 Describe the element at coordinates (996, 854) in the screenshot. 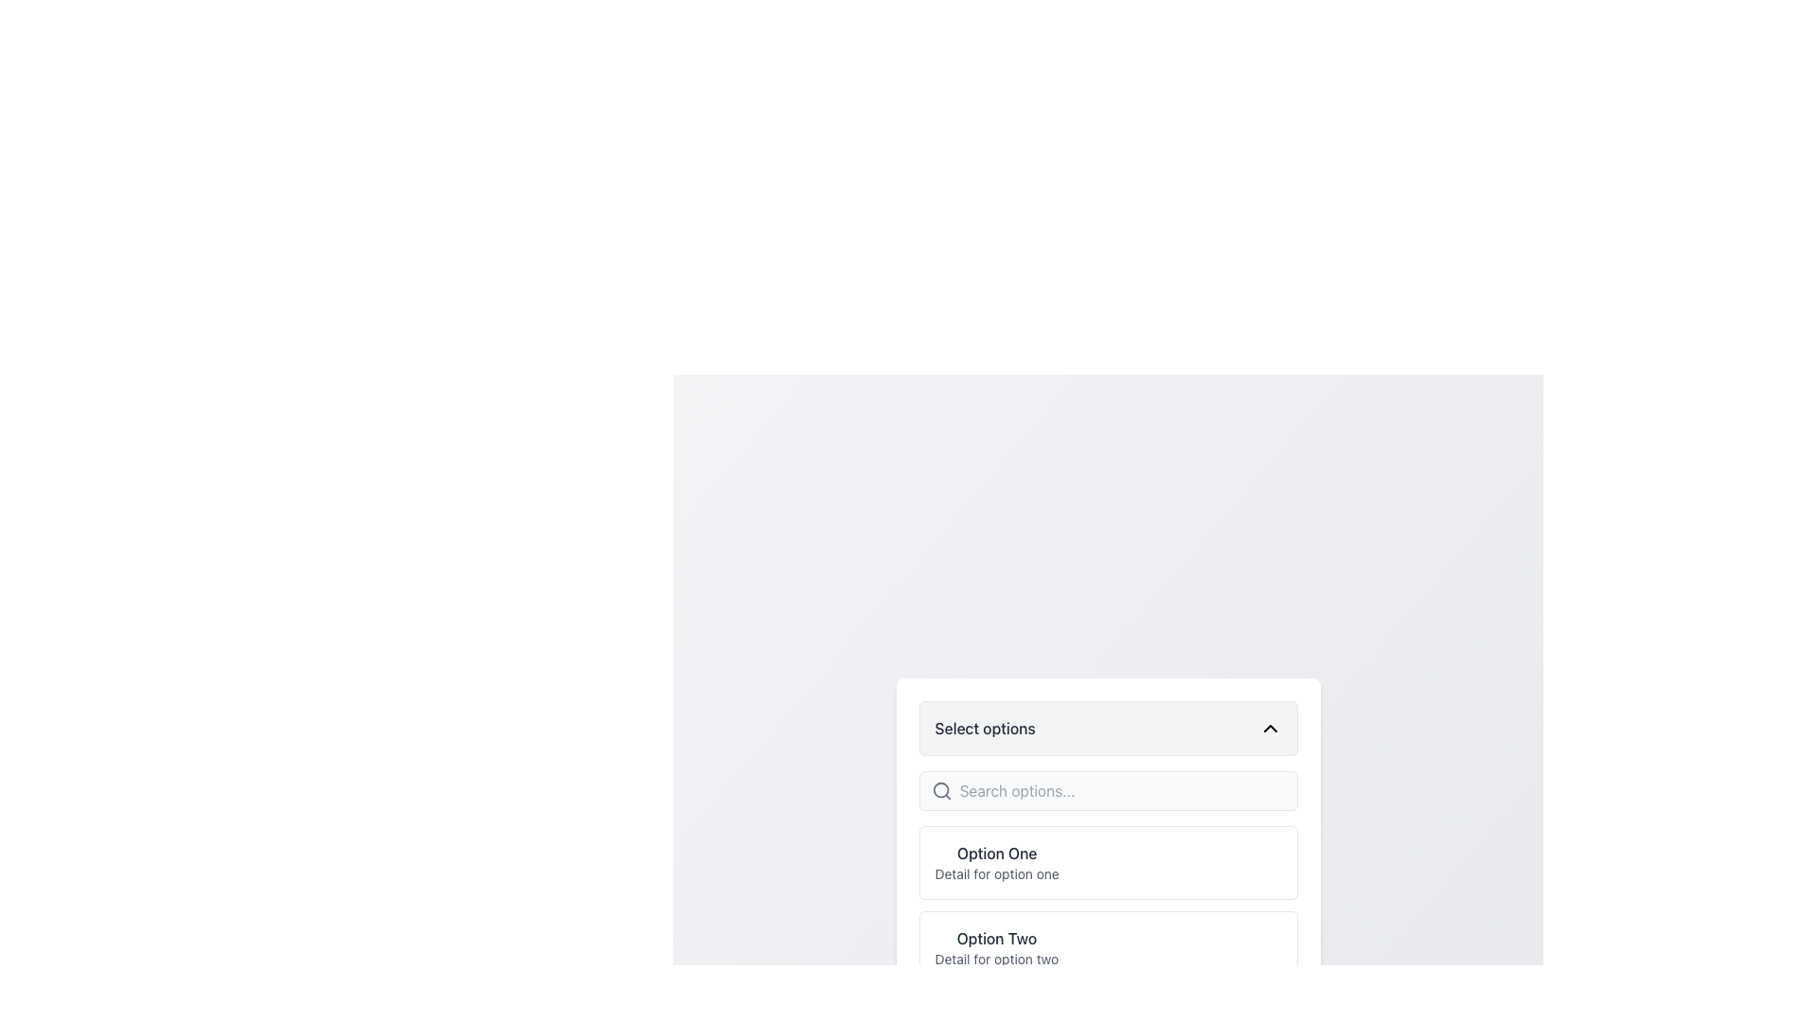

I see `the first selectable option in the dropdown list labeled 'Select options.'` at that location.